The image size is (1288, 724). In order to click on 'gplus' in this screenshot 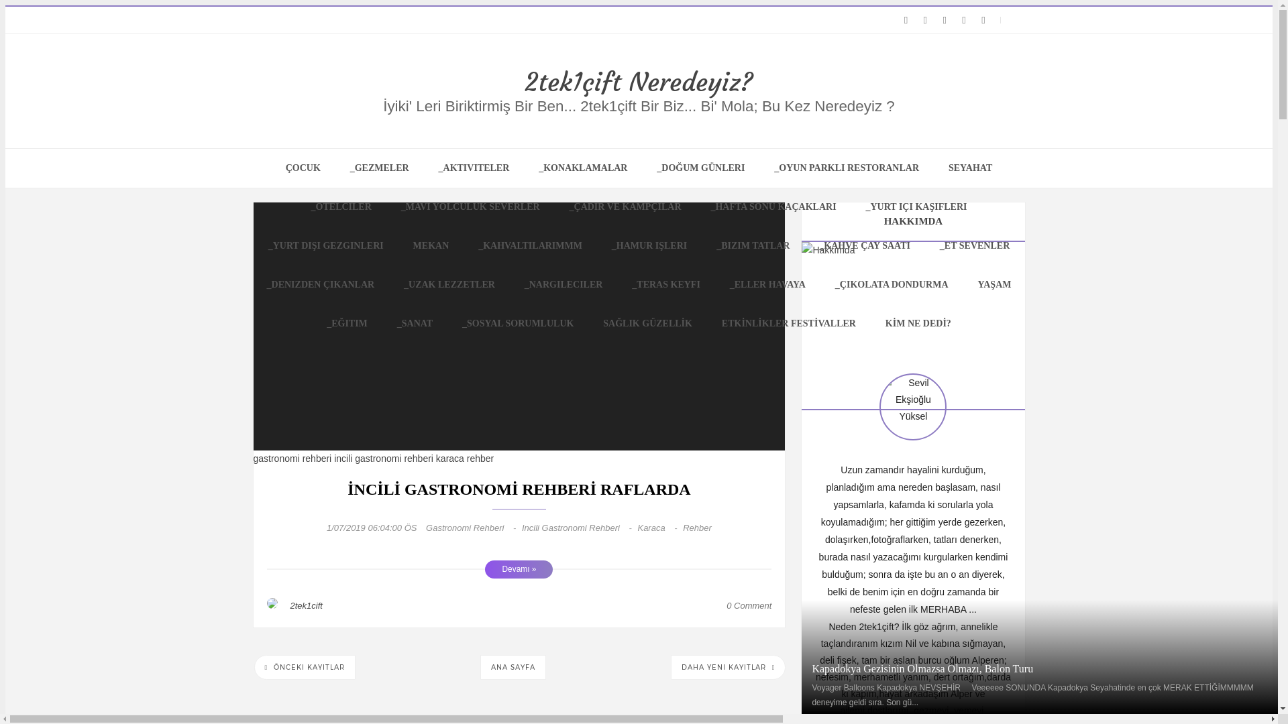, I will do `click(936, 20)`.